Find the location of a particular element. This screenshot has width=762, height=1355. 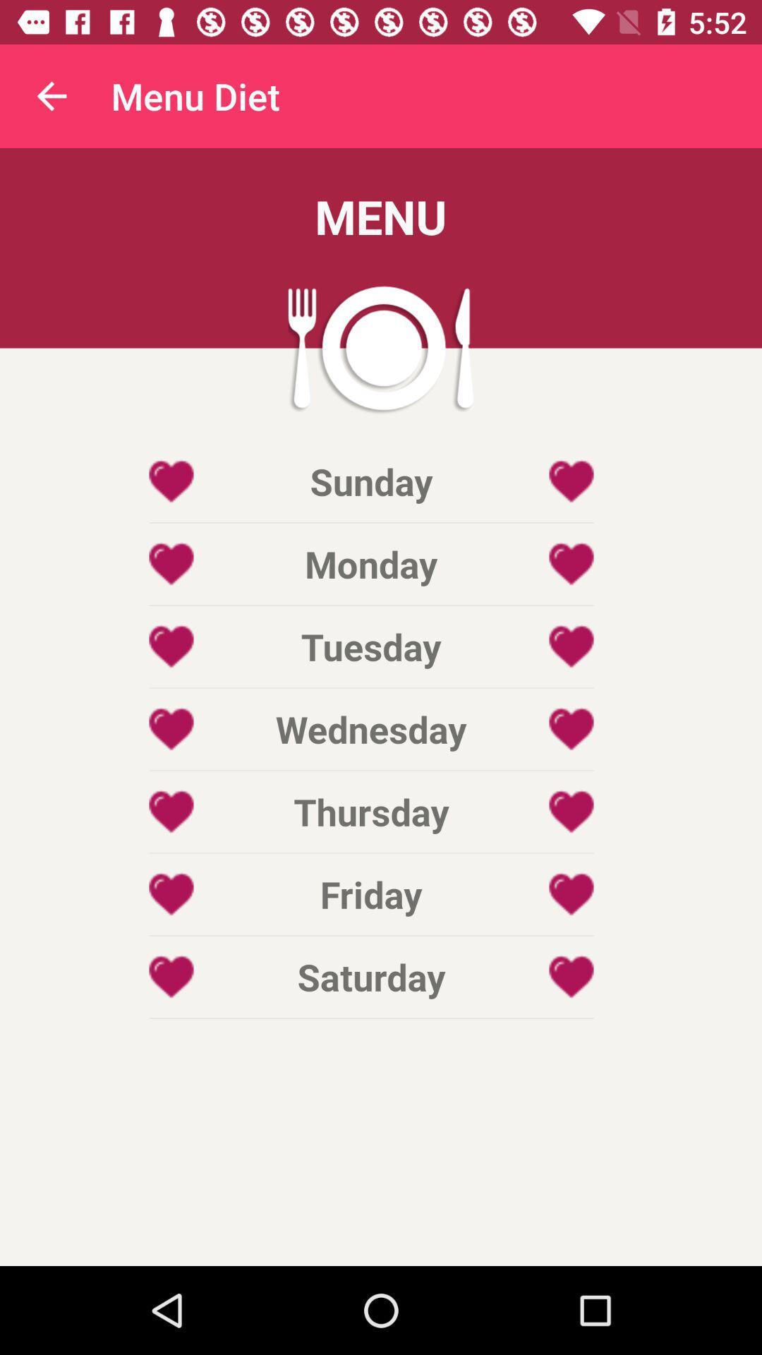

the icon above the monday item is located at coordinates (370, 481).